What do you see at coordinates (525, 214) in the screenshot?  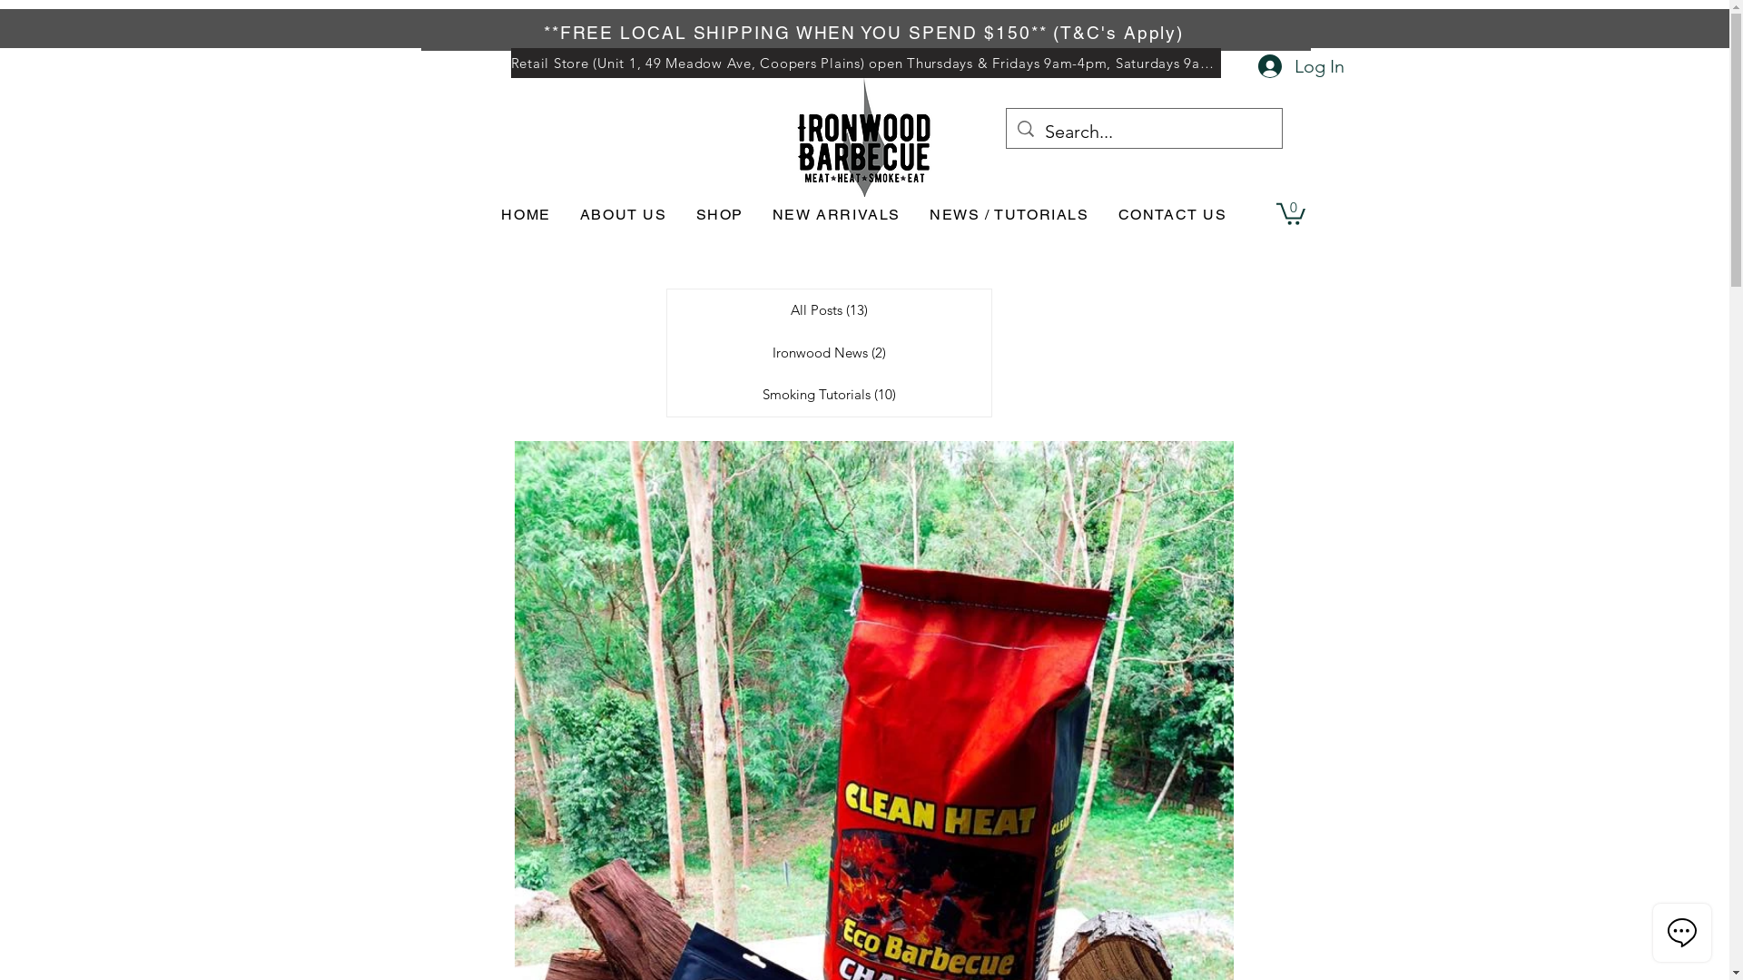 I see `'HOME'` at bounding box center [525, 214].